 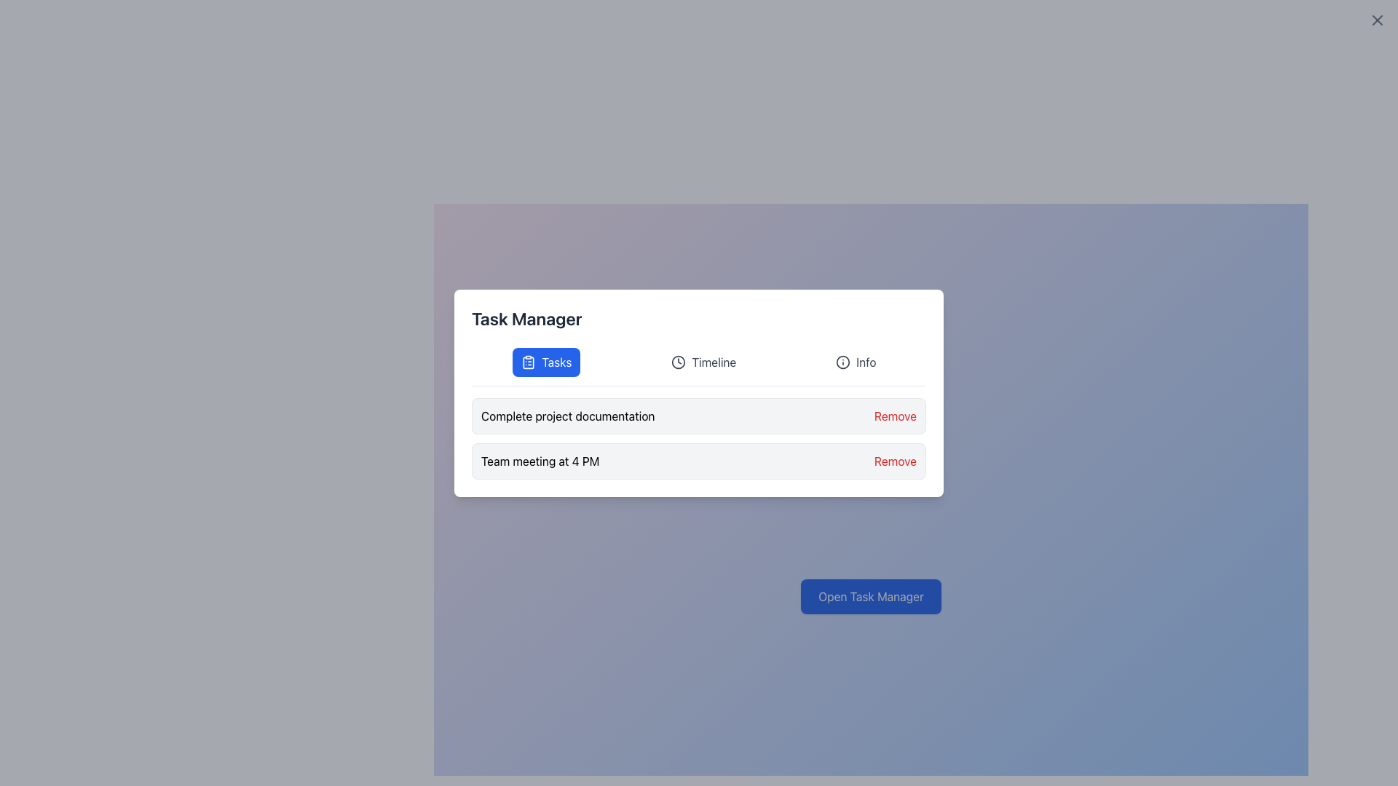 I want to click on the 'Info' button, which is the third button in a group of three buttons labeled 'Tasks', 'Timeline', and 'Info', so click(x=856, y=361).